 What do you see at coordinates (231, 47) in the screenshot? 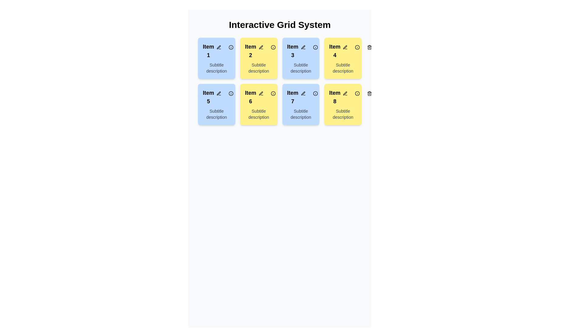
I see `the circular information button located in the first column's card labeled 'Item 1'` at bounding box center [231, 47].